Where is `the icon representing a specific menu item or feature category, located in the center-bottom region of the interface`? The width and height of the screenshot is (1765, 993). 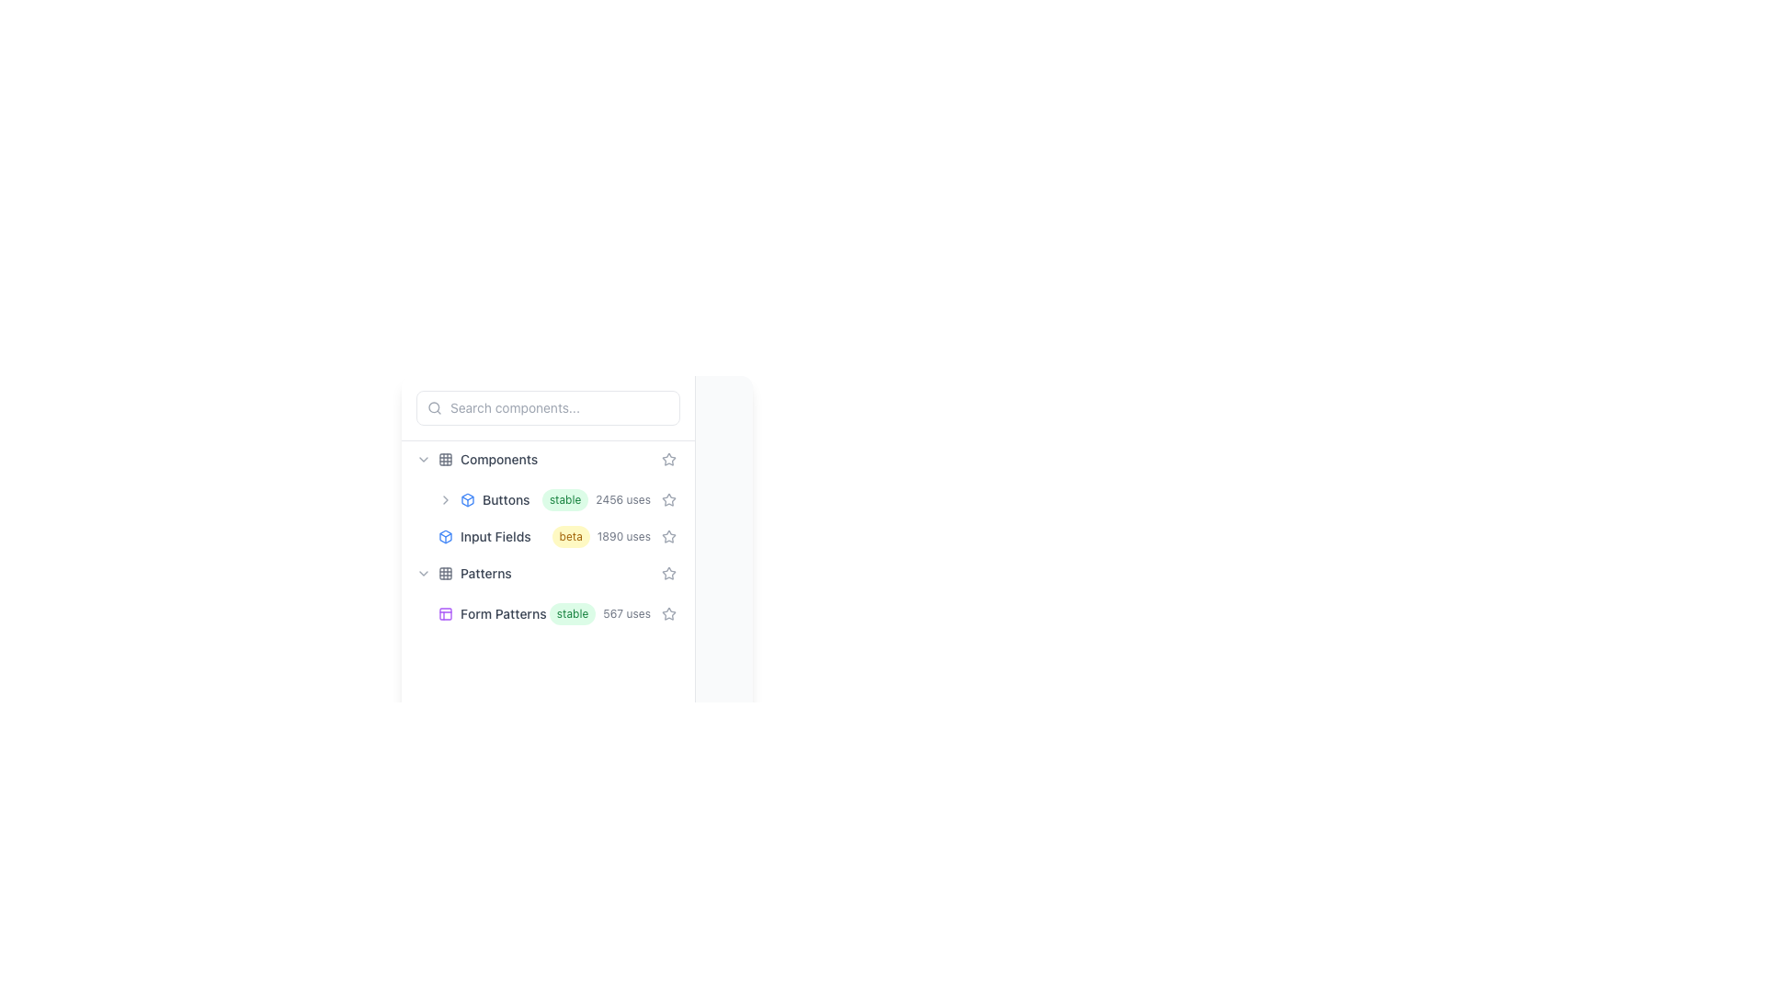
the icon representing a specific menu item or feature category, located in the center-bottom region of the interface is located at coordinates (445, 536).